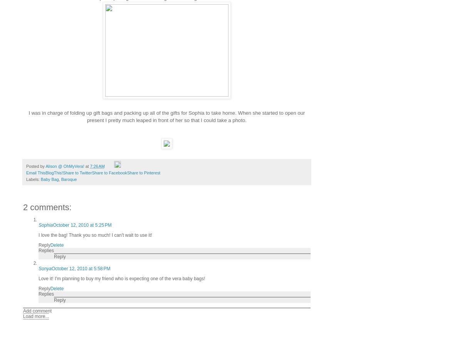  Describe the element at coordinates (49, 179) in the screenshot. I see `'Baby Bag'` at that location.